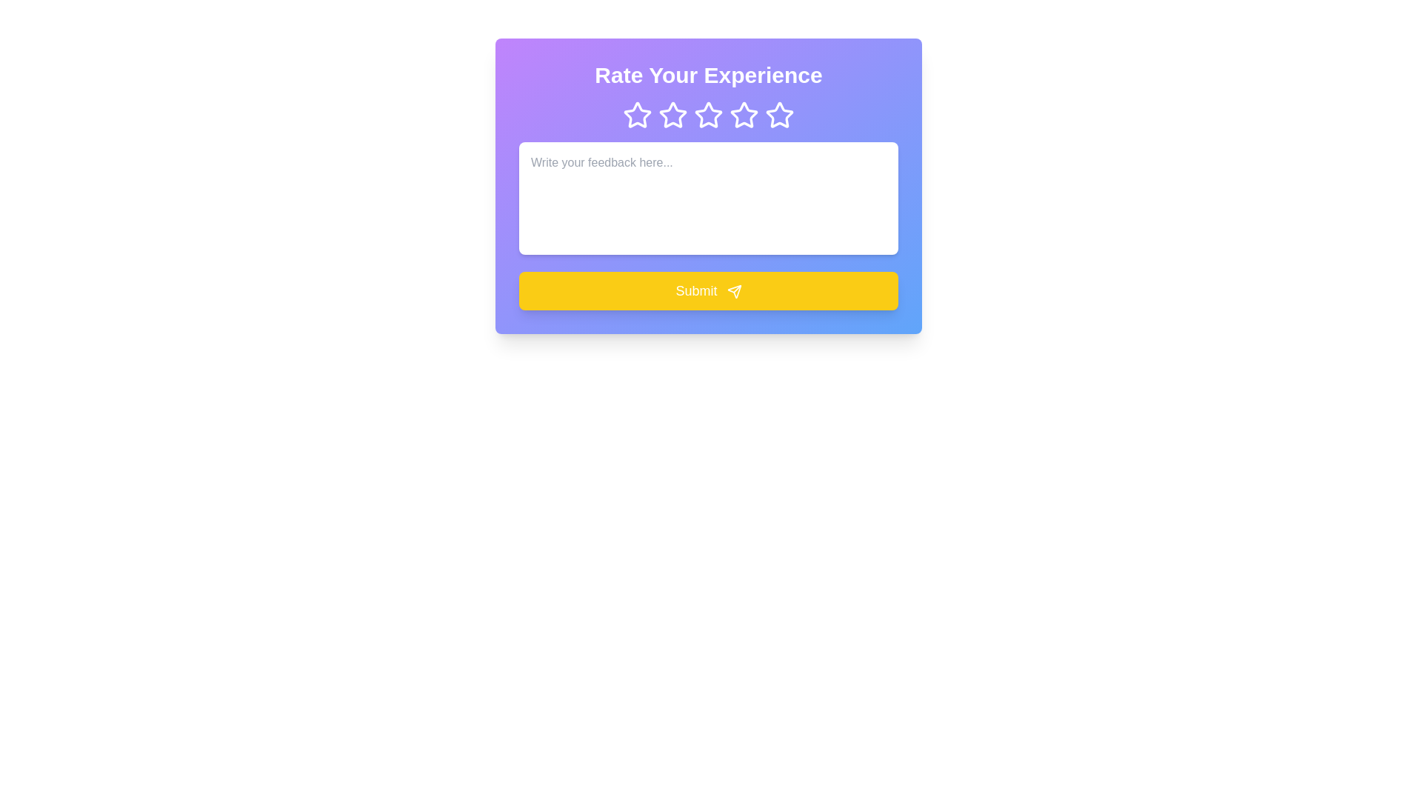 The height and width of the screenshot is (800, 1422). I want to click on the star icon representing the third rating value in the 'Rate Your Experience' section, so click(707, 114).